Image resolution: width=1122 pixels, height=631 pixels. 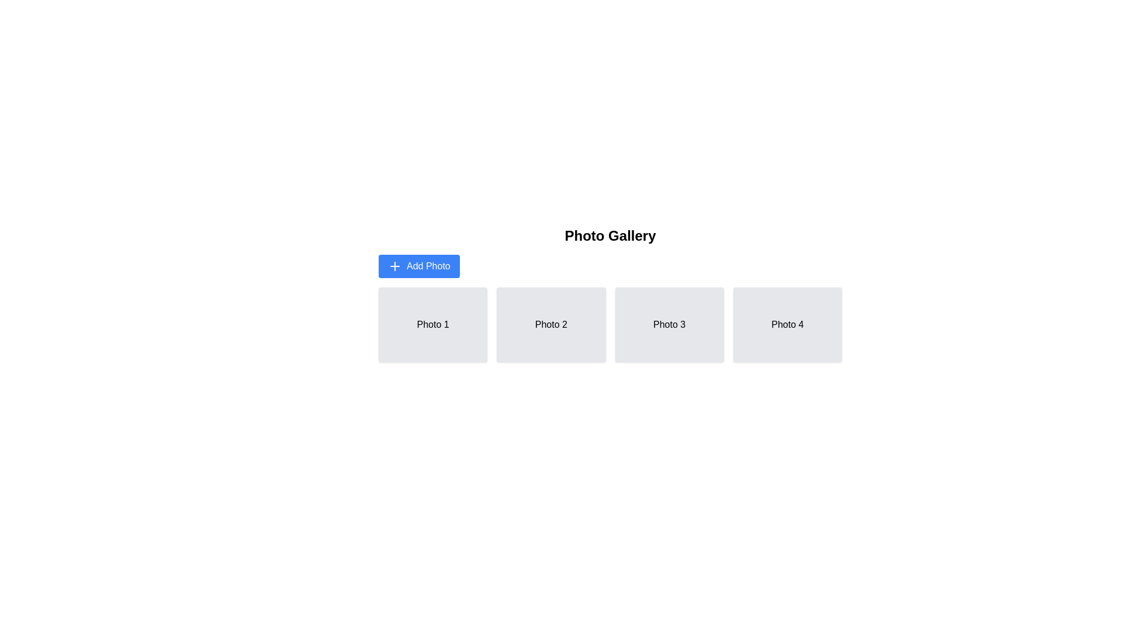 What do you see at coordinates (787, 324) in the screenshot?
I see `the static display element labeled 'Photo 4', which is a rectangular box with a light gray background and bold black text centered inside` at bounding box center [787, 324].